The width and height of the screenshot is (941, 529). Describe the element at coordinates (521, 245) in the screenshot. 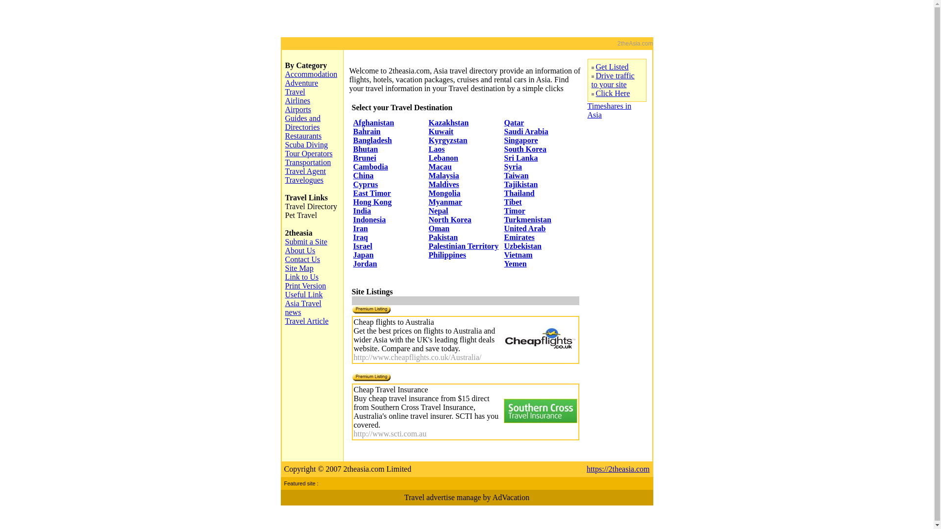

I see `'Uzbekistan'` at that location.